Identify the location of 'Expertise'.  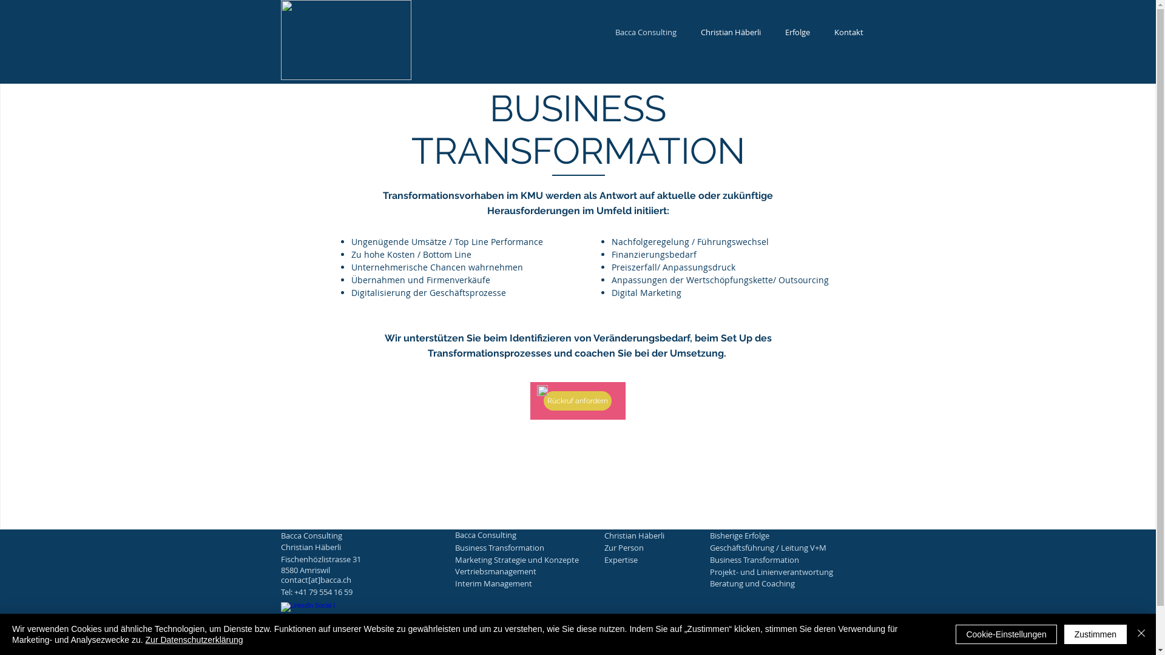
(666, 559).